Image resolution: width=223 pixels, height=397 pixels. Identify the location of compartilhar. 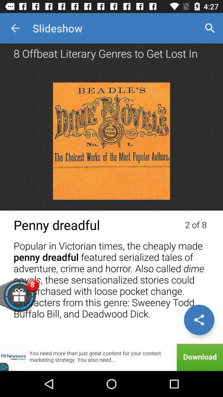
(199, 319).